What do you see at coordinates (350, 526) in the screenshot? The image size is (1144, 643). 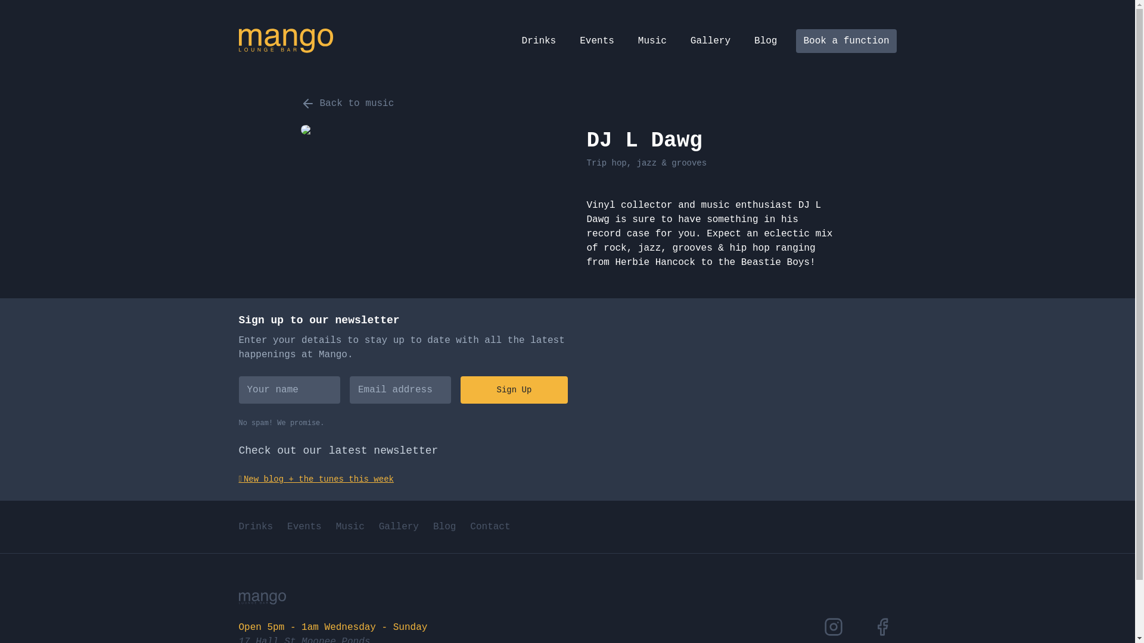 I see `'Music'` at bounding box center [350, 526].